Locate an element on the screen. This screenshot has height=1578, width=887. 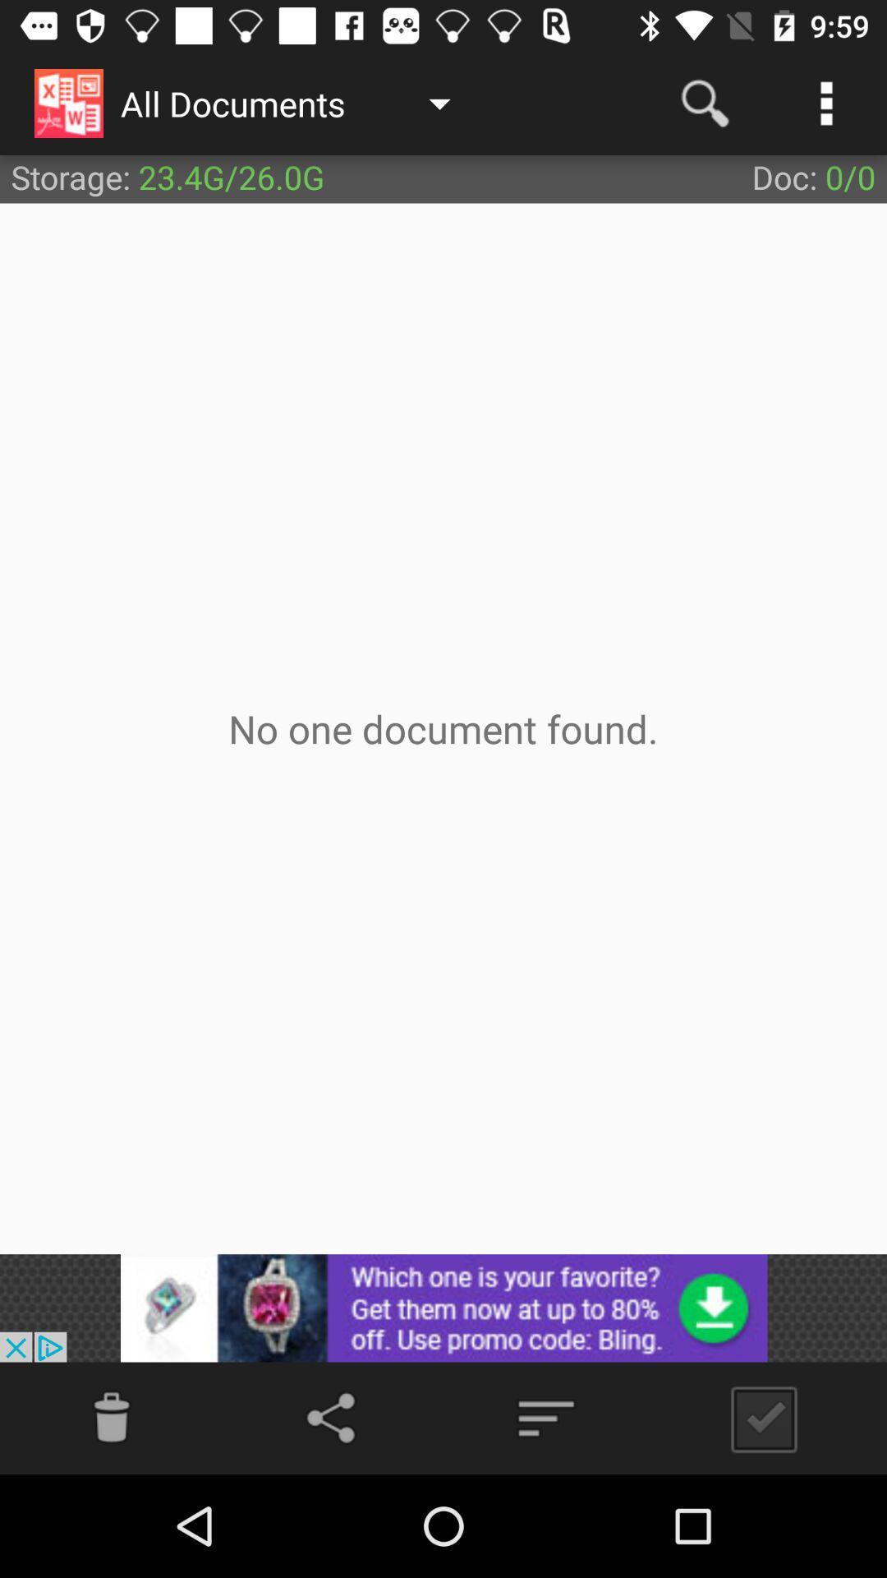
send to trash is located at coordinates (111, 1417).